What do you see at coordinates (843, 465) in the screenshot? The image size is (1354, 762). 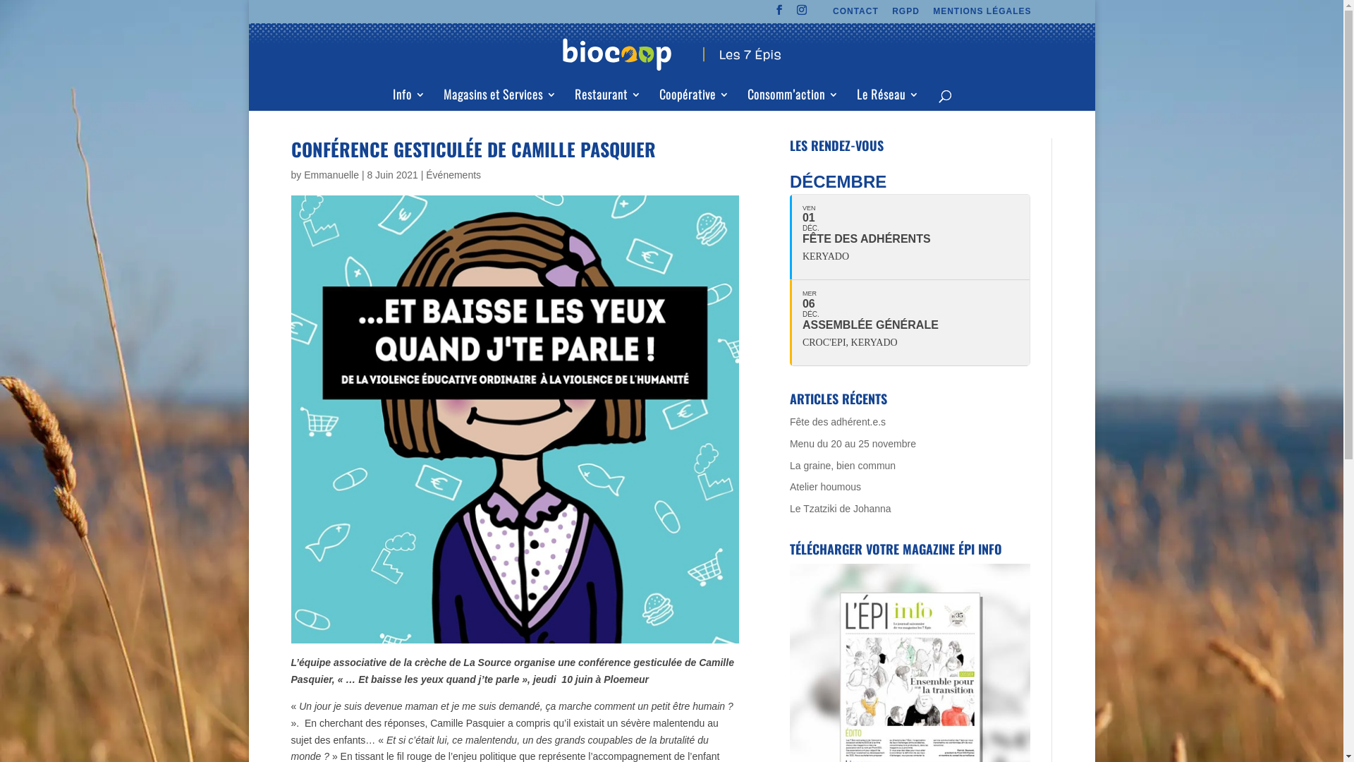 I see `'La graine, bien commun'` at bounding box center [843, 465].